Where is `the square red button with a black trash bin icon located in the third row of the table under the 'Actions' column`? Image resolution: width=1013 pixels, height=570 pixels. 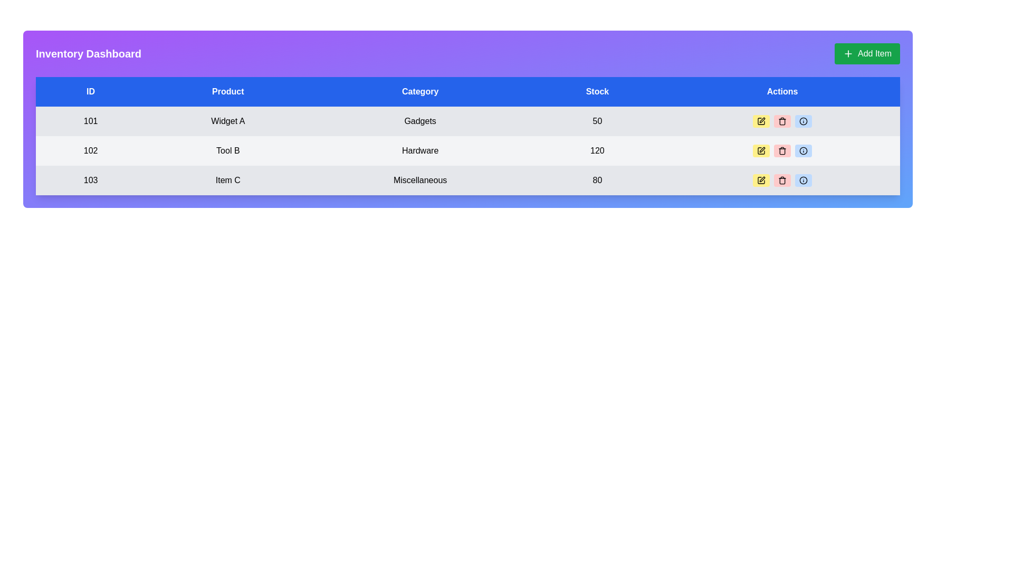
the square red button with a black trash bin icon located in the third row of the table under the 'Actions' column is located at coordinates (782, 180).